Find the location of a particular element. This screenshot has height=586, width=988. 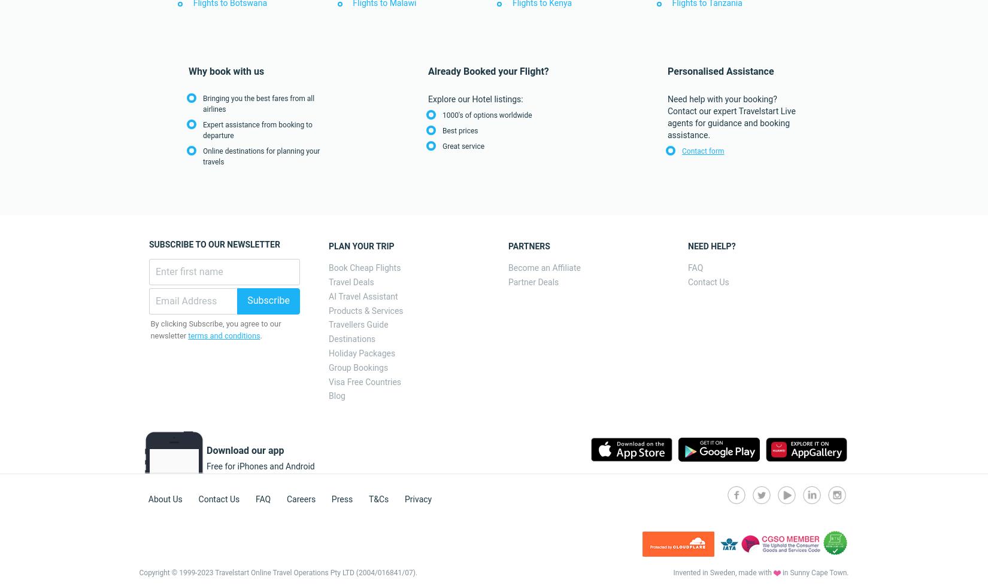

'.' is located at coordinates (260, 335).